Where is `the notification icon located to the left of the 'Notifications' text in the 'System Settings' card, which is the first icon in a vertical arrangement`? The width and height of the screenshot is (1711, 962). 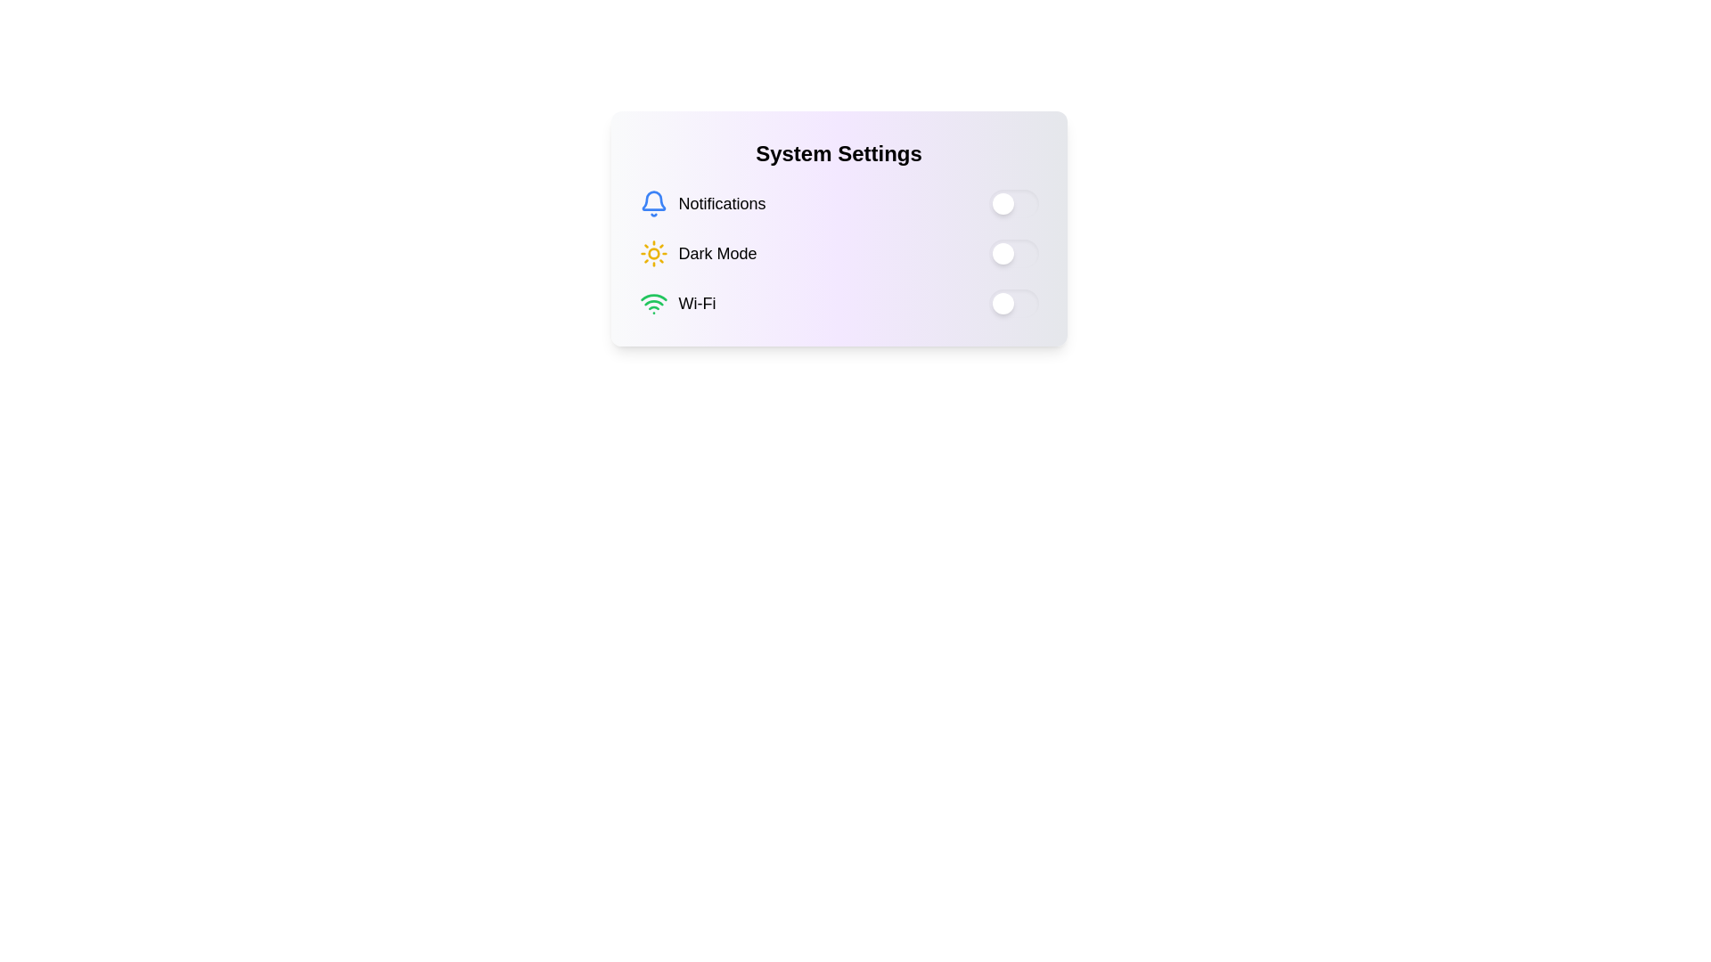 the notification icon located to the left of the 'Notifications' text in the 'System Settings' card, which is the first icon in a vertical arrangement is located at coordinates (652, 200).